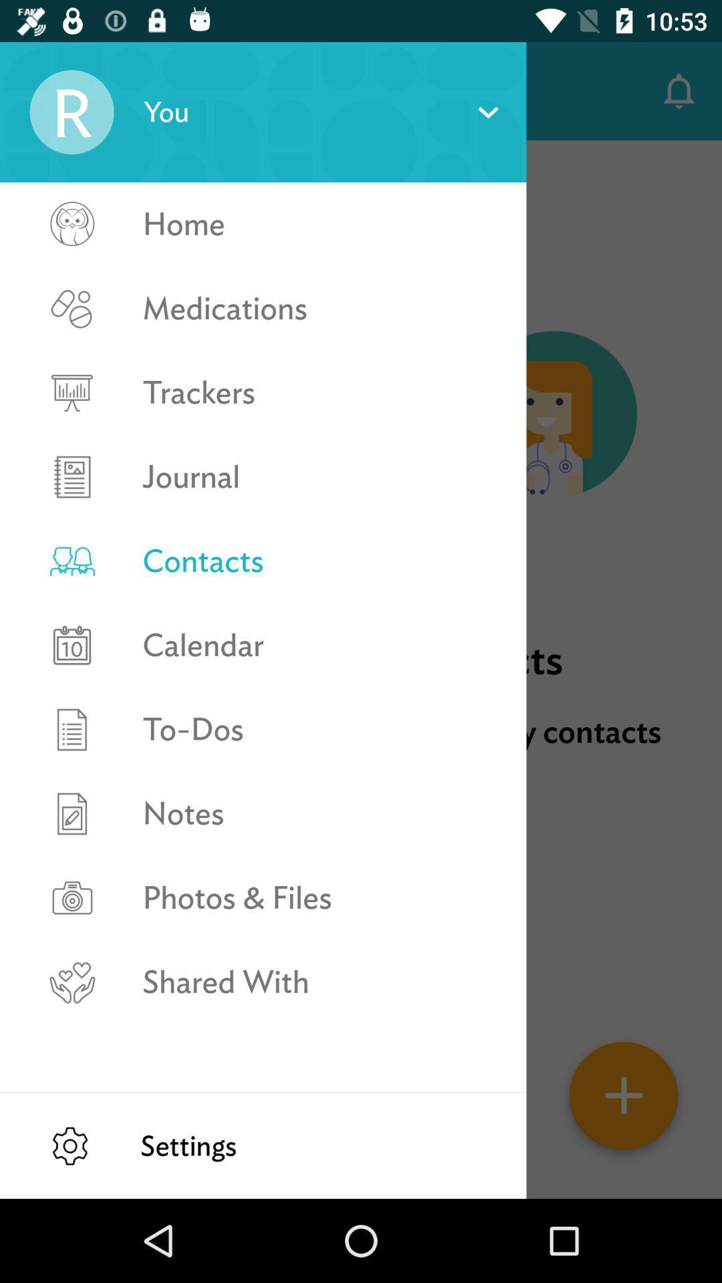  What do you see at coordinates (72, 350) in the screenshot?
I see `medications trackers` at bounding box center [72, 350].